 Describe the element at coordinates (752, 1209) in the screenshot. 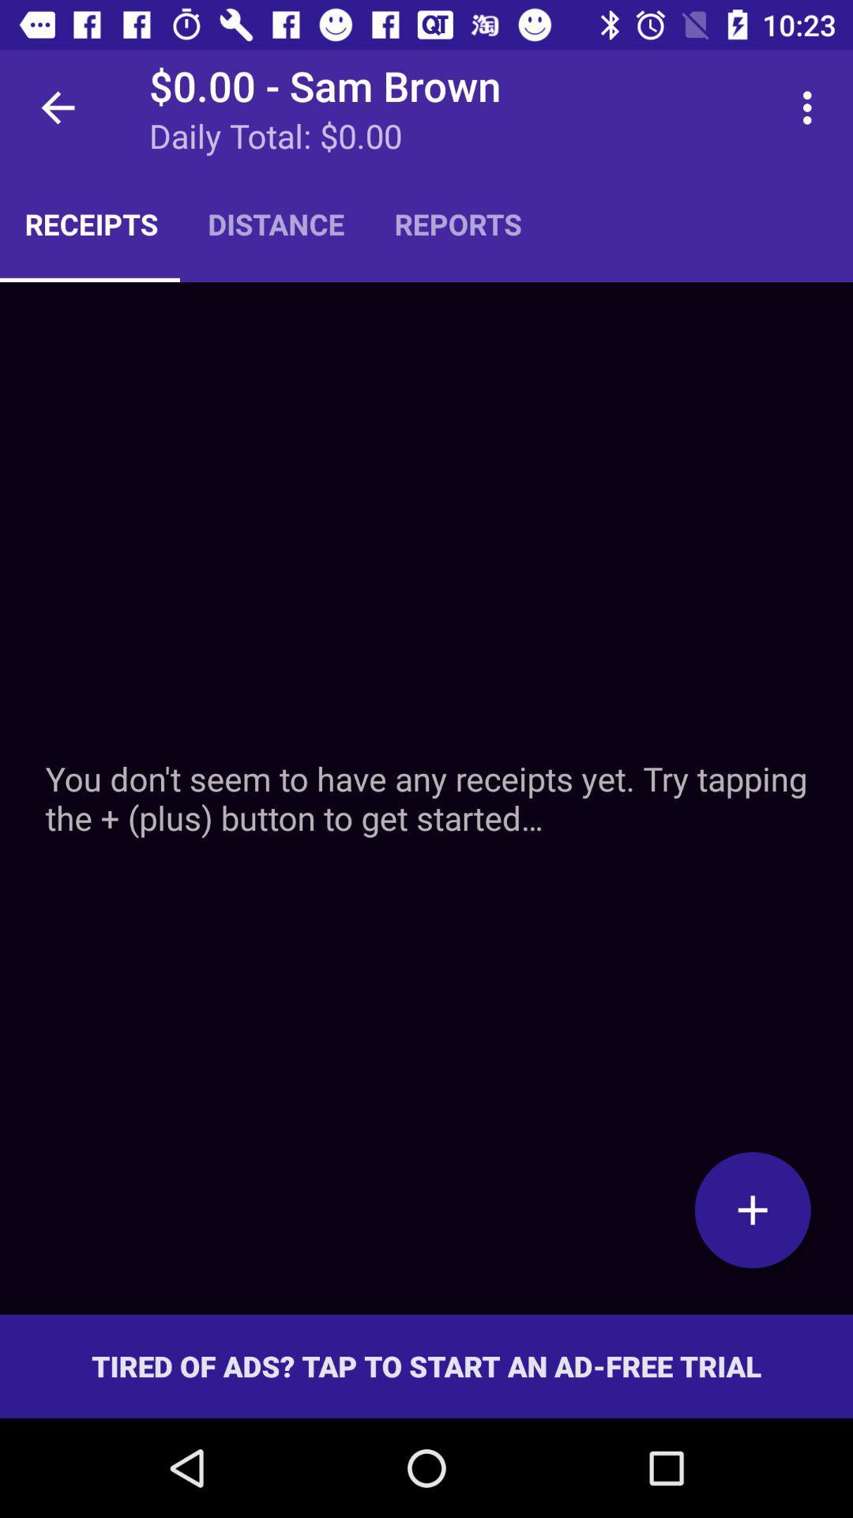

I see `the item above tired of ads icon` at that location.